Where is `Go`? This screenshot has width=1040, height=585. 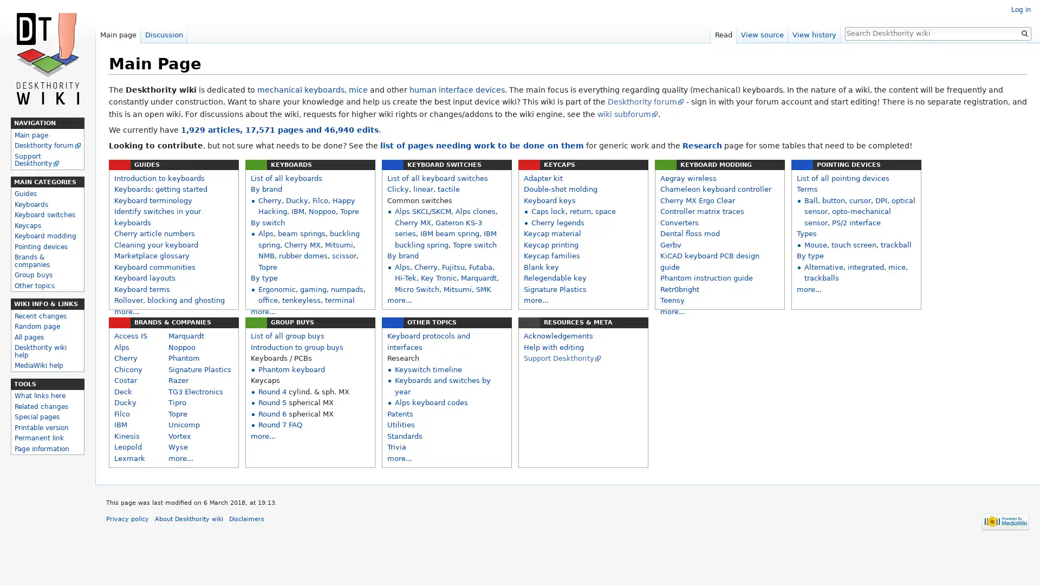 Go is located at coordinates (1024, 32).